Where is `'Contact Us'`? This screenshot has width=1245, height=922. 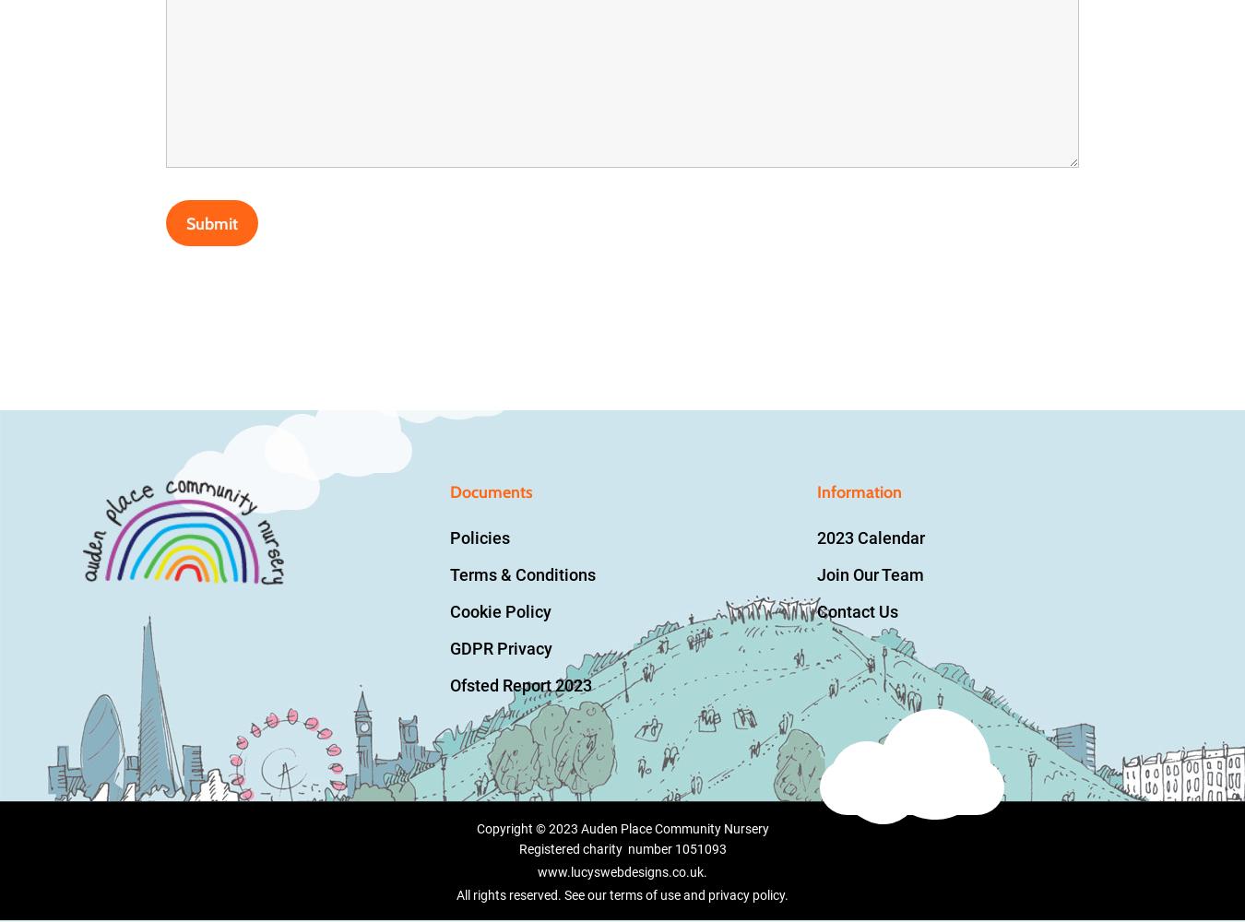
'Contact Us' is located at coordinates (816, 611).